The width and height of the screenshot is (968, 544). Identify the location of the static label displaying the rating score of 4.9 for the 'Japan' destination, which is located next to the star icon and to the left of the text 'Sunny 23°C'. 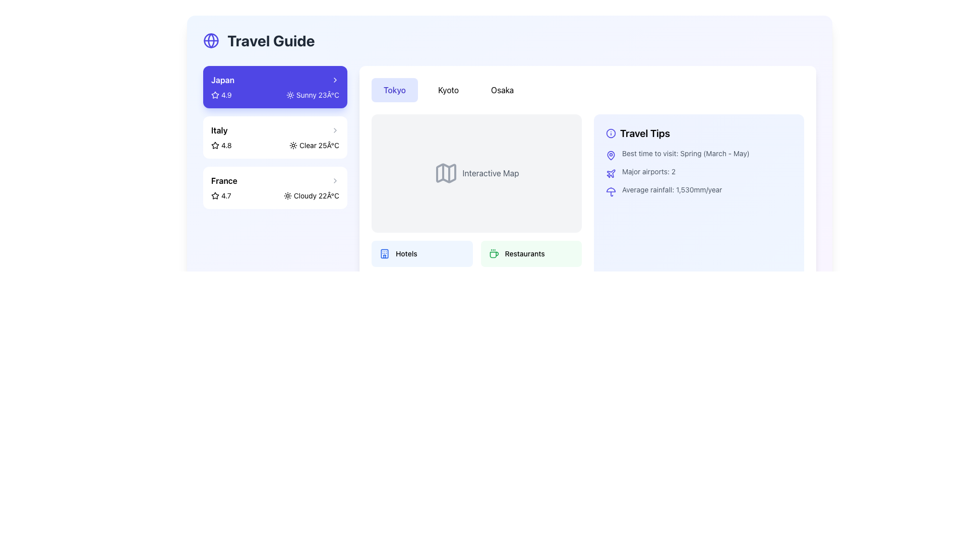
(226, 95).